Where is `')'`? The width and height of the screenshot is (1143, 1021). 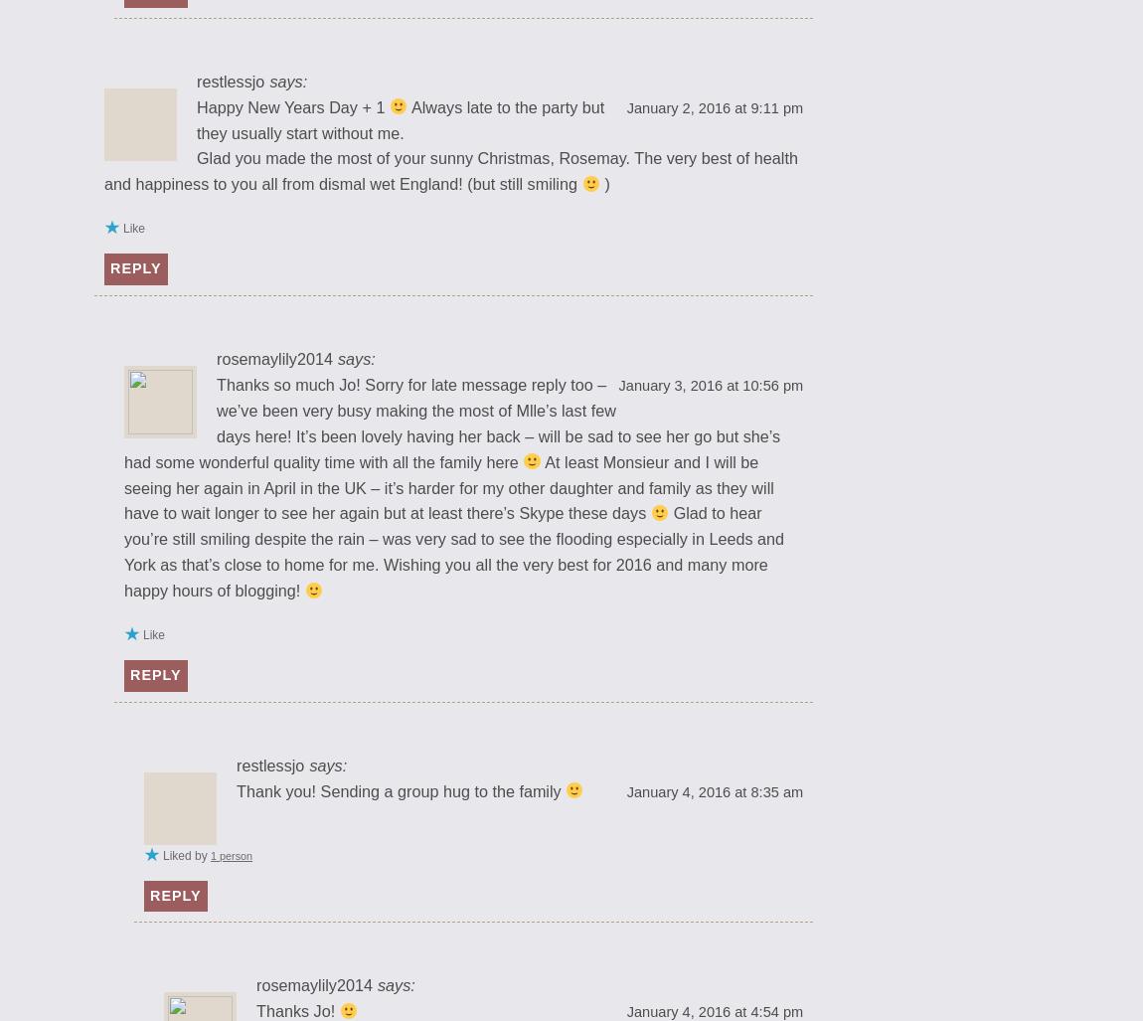 ')' is located at coordinates (603, 182).